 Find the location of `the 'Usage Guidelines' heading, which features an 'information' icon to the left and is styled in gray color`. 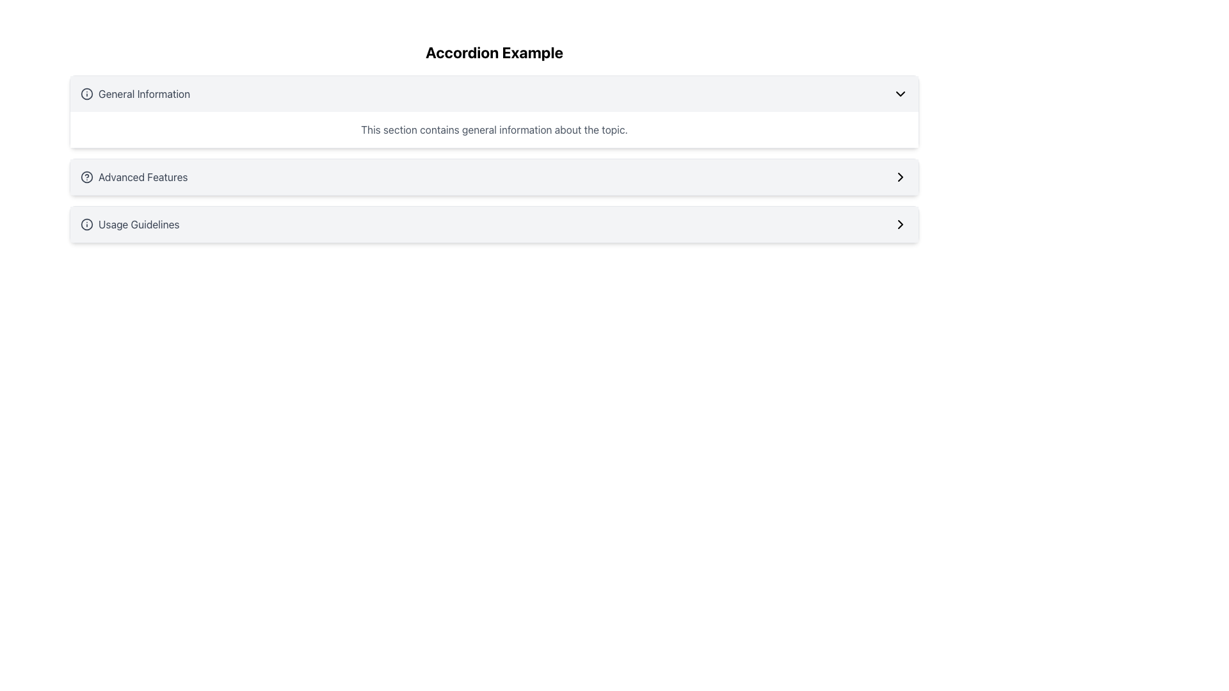

the 'Usage Guidelines' heading, which features an 'information' icon to the left and is styled in gray color is located at coordinates (130, 224).